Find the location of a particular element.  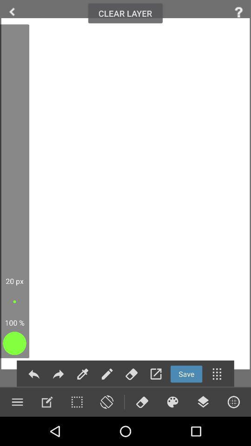

eraser is located at coordinates (142, 401).